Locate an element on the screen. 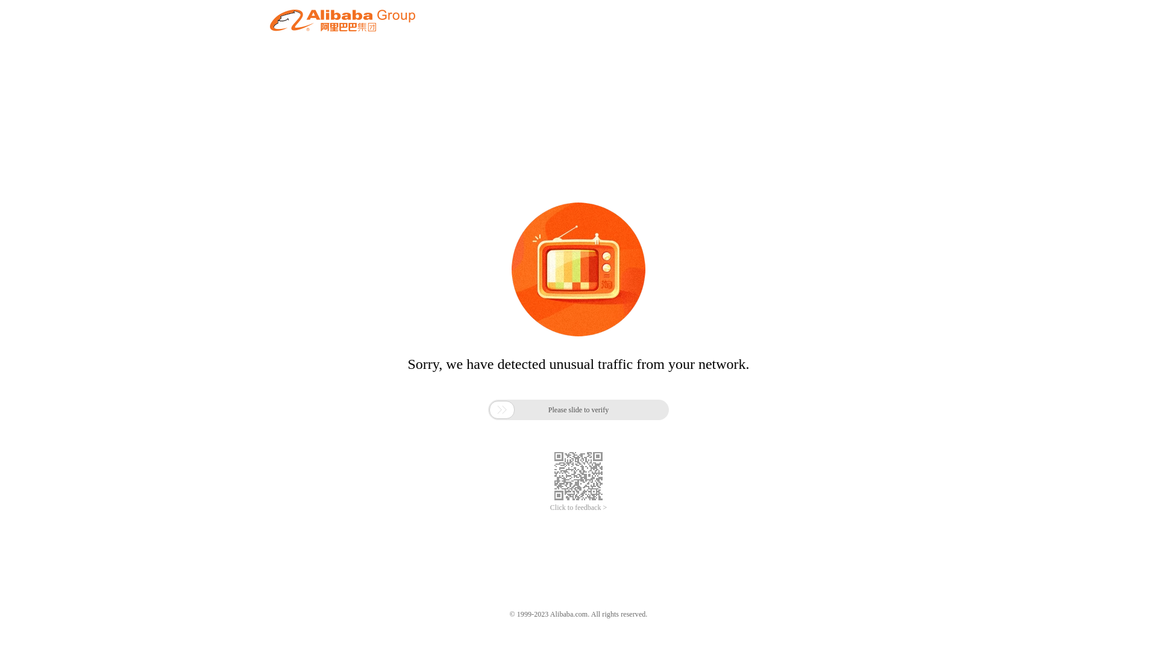 This screenshot has width=1157, height=651. 'Click to feedback >' is located at coordinates (578, 508).